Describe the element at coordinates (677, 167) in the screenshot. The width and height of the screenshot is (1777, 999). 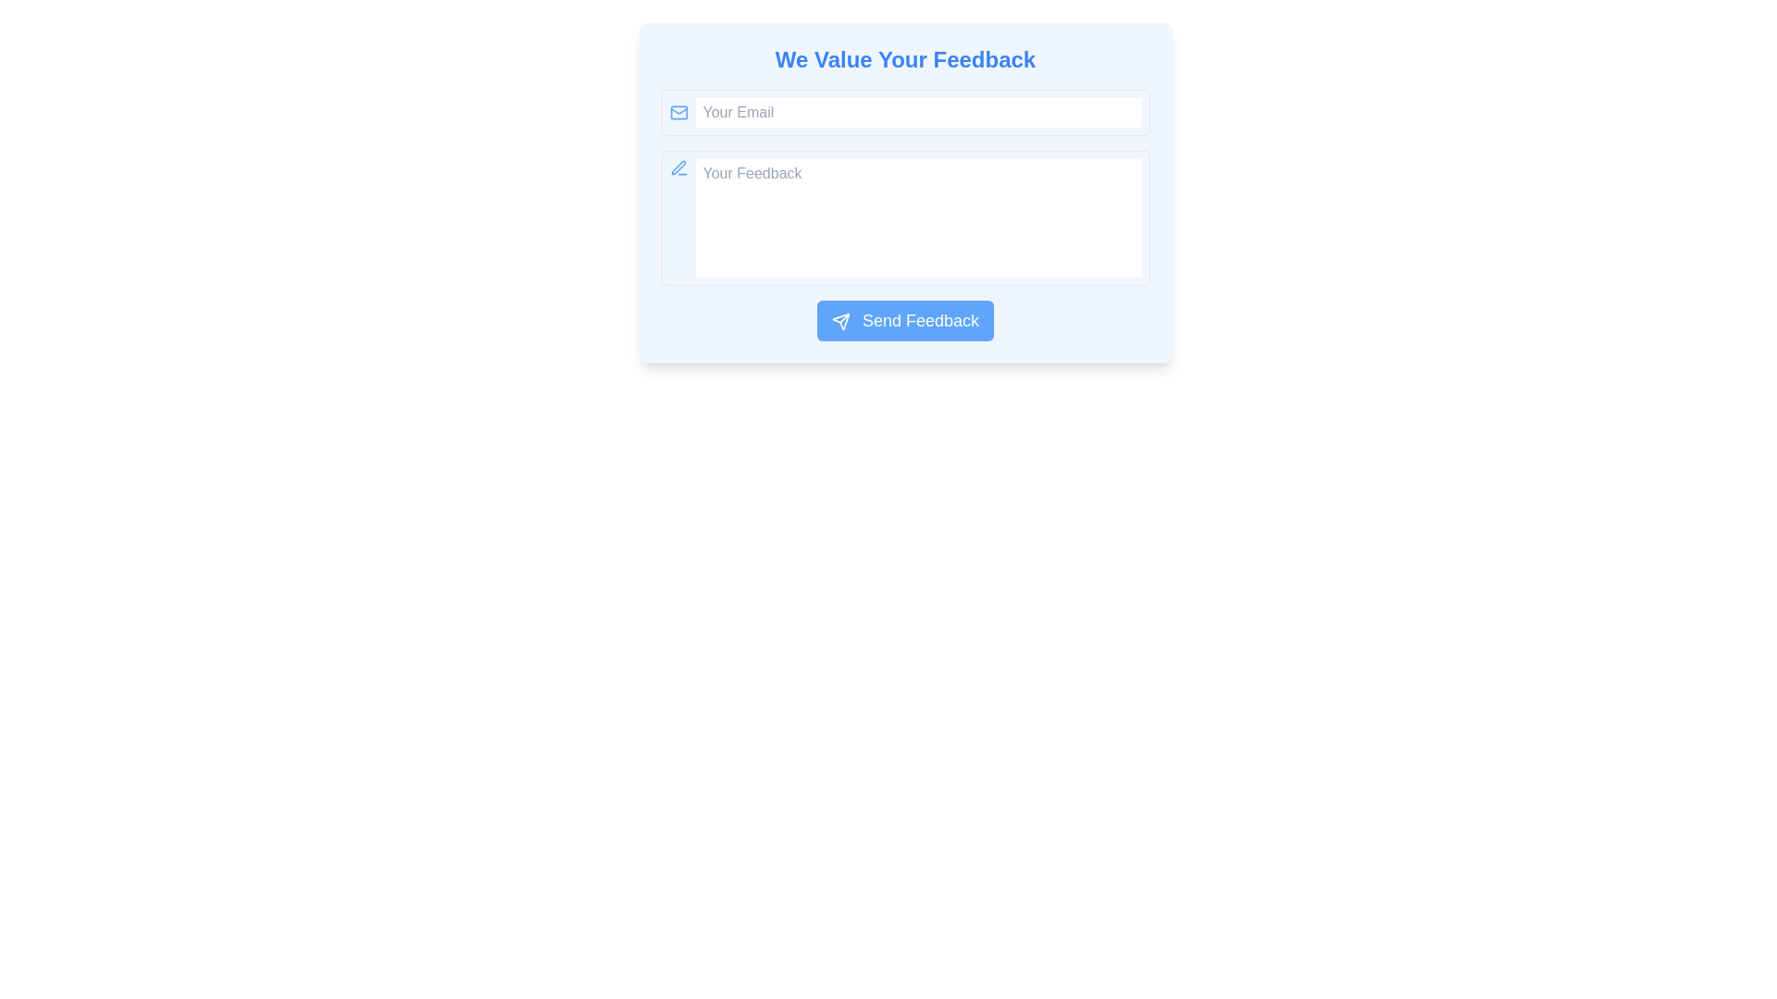
I see `the decorative or indicative icon located immediately to the left of the 'Your Feedback' text box in the feedback input section` at that location.